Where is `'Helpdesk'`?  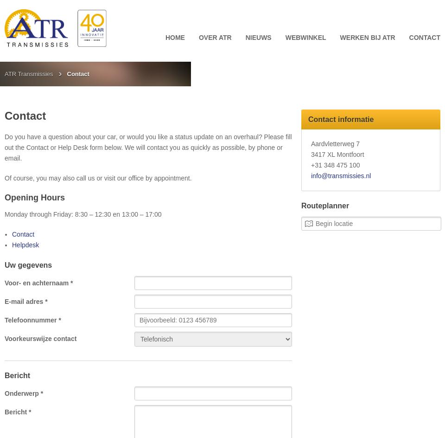
'Helpdesk' is located at coordinates (25, 245).